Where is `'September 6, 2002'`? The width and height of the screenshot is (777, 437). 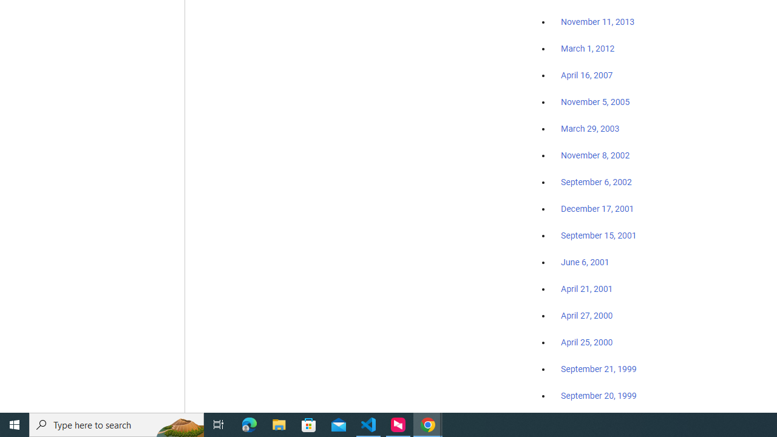 'September 6, 2002' is located at coordinates (596, 181).